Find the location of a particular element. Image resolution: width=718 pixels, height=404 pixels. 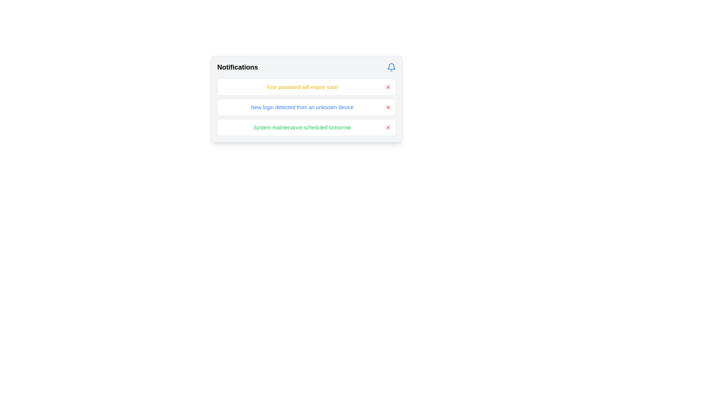

the Text Display element that shows the message 'System maintenance scheduled tomorrow' in green font, located within a notification card at the bottom of three notifications is located at coordinates (302, 127).